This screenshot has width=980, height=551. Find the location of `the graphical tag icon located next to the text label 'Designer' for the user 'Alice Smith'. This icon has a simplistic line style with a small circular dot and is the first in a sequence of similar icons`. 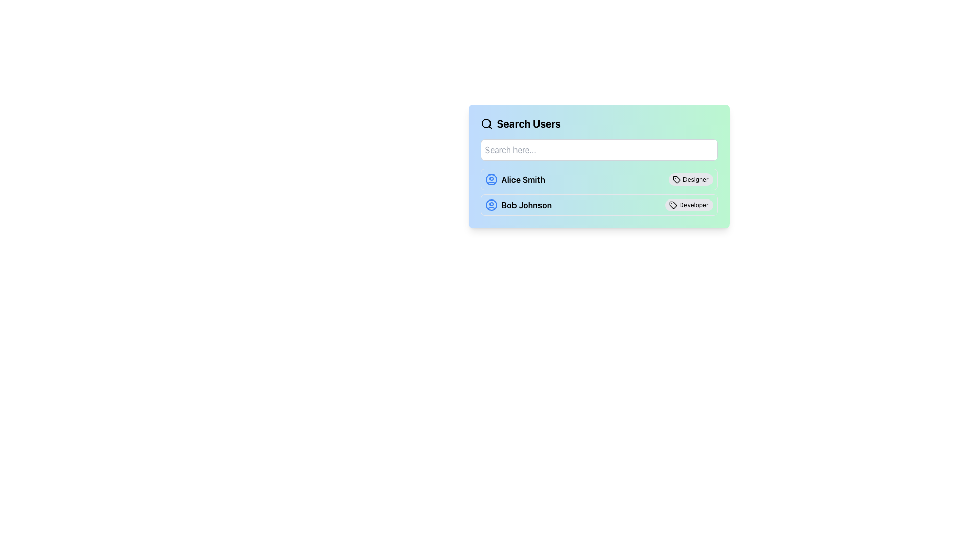

the graphical tag icon located next to the text label 'Designer' for the user 'Alice Smith'. This icon has a simplistic line style with a small circular dot and is the first in a sequence of similar icons is located at coordinates (676, 179).